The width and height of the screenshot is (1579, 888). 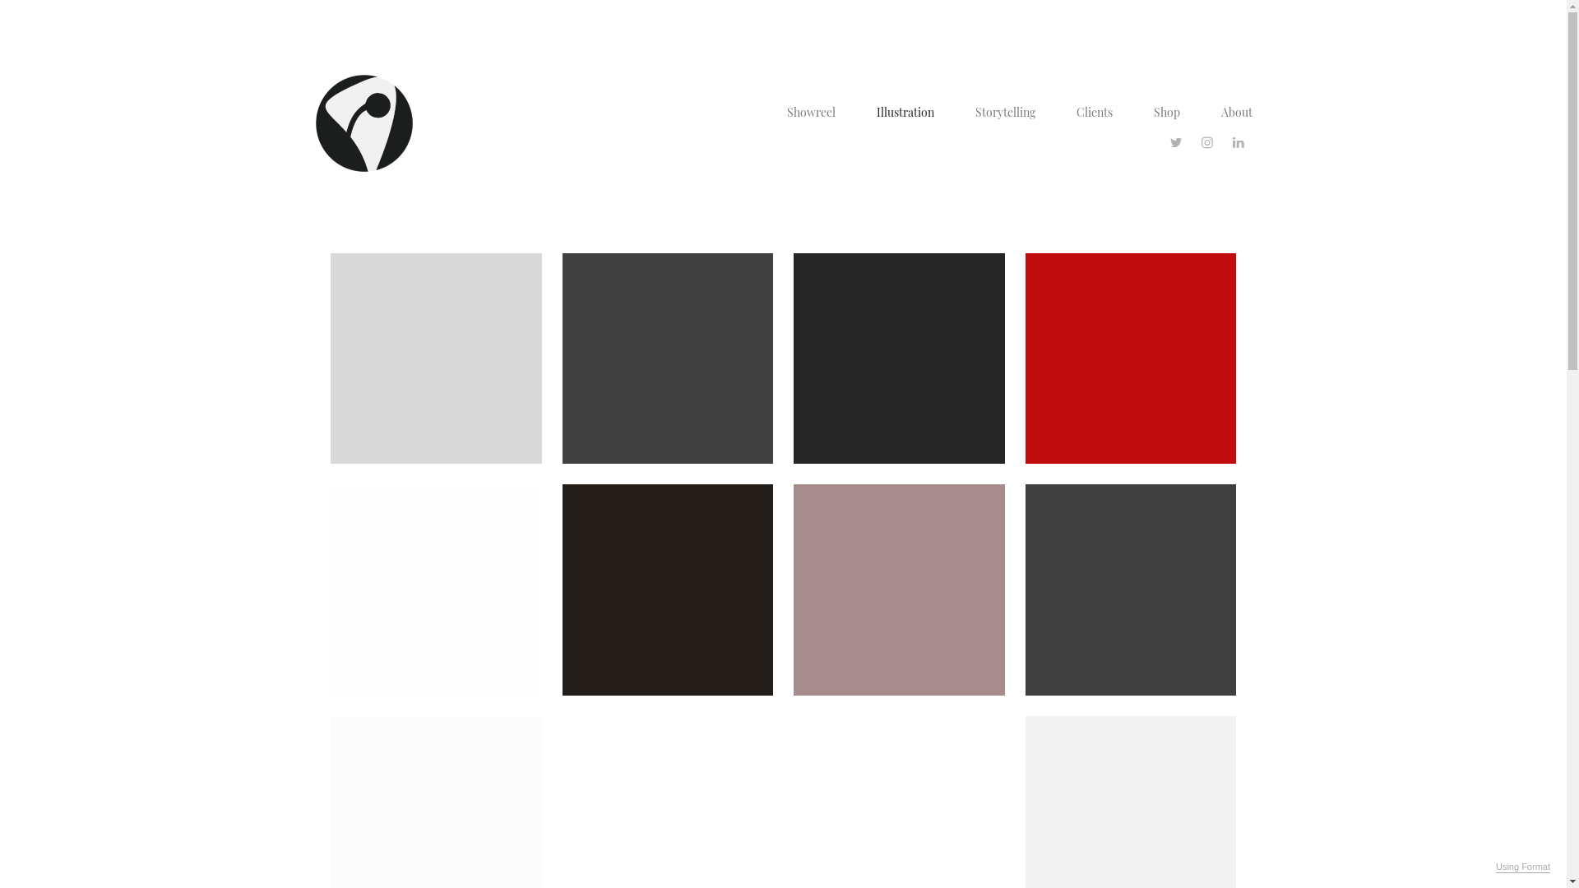 What do you see at coordinates (1165, 111) in the screenshot?
I see `'Shop'` at bounding box center [1165, 111].